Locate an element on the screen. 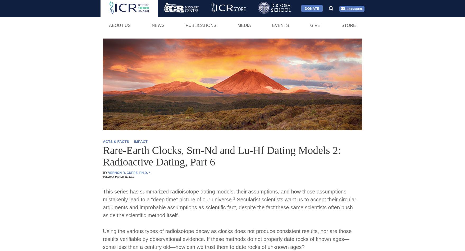  '|' is located at coordinates (152, 172).